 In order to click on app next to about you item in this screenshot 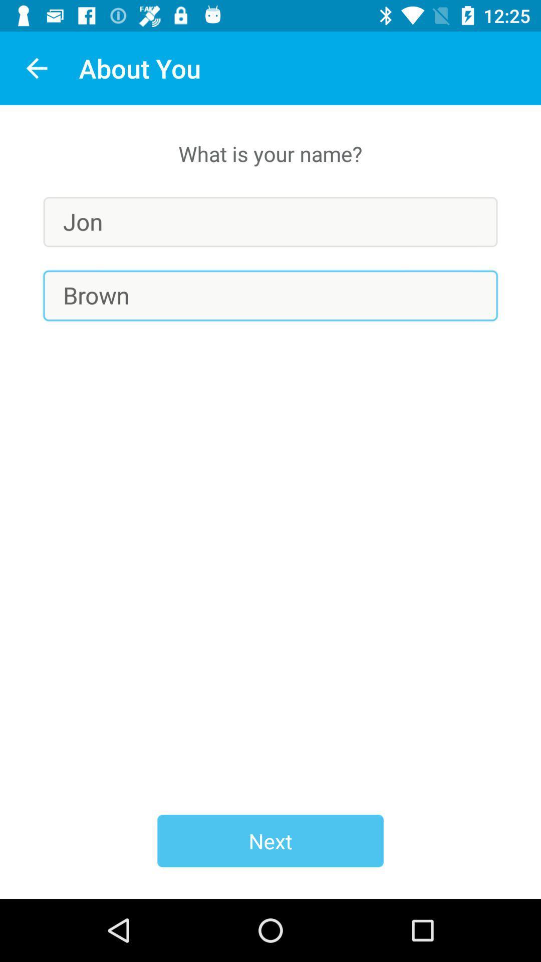, I will do `click(36, 68)`.